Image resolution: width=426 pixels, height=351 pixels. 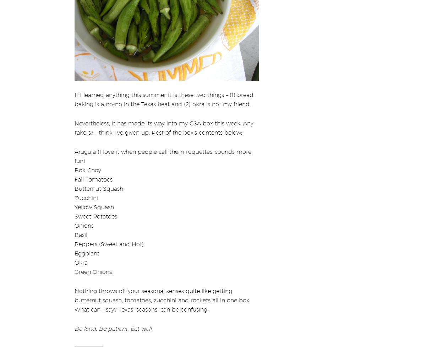 I want to click on 'Sweet Potatoes', so click(x=74, y=211).